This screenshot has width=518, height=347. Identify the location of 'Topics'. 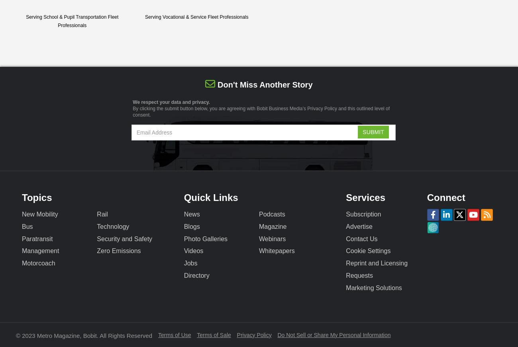
(37, 197).